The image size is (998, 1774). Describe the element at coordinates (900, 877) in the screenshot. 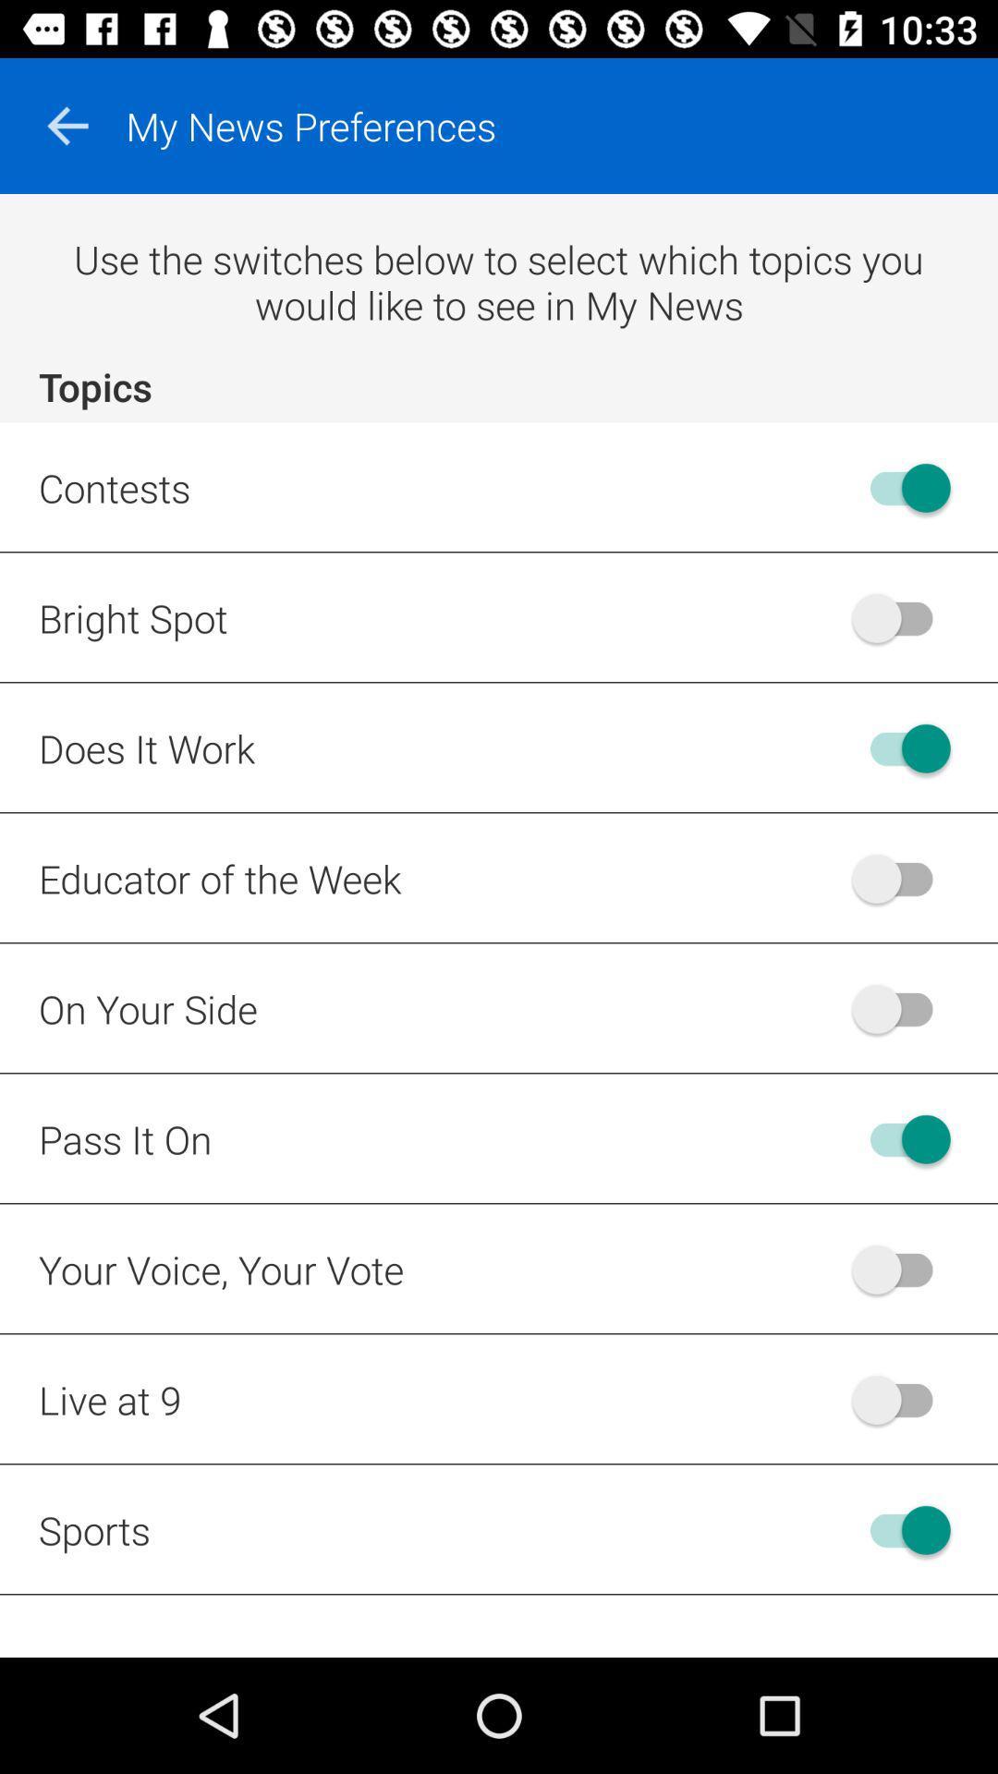

I see `notification option` at that location.